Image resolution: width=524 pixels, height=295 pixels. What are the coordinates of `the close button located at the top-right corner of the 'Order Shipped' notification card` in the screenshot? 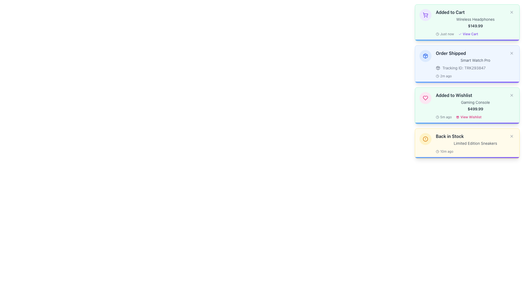 It's located at (511, 53).